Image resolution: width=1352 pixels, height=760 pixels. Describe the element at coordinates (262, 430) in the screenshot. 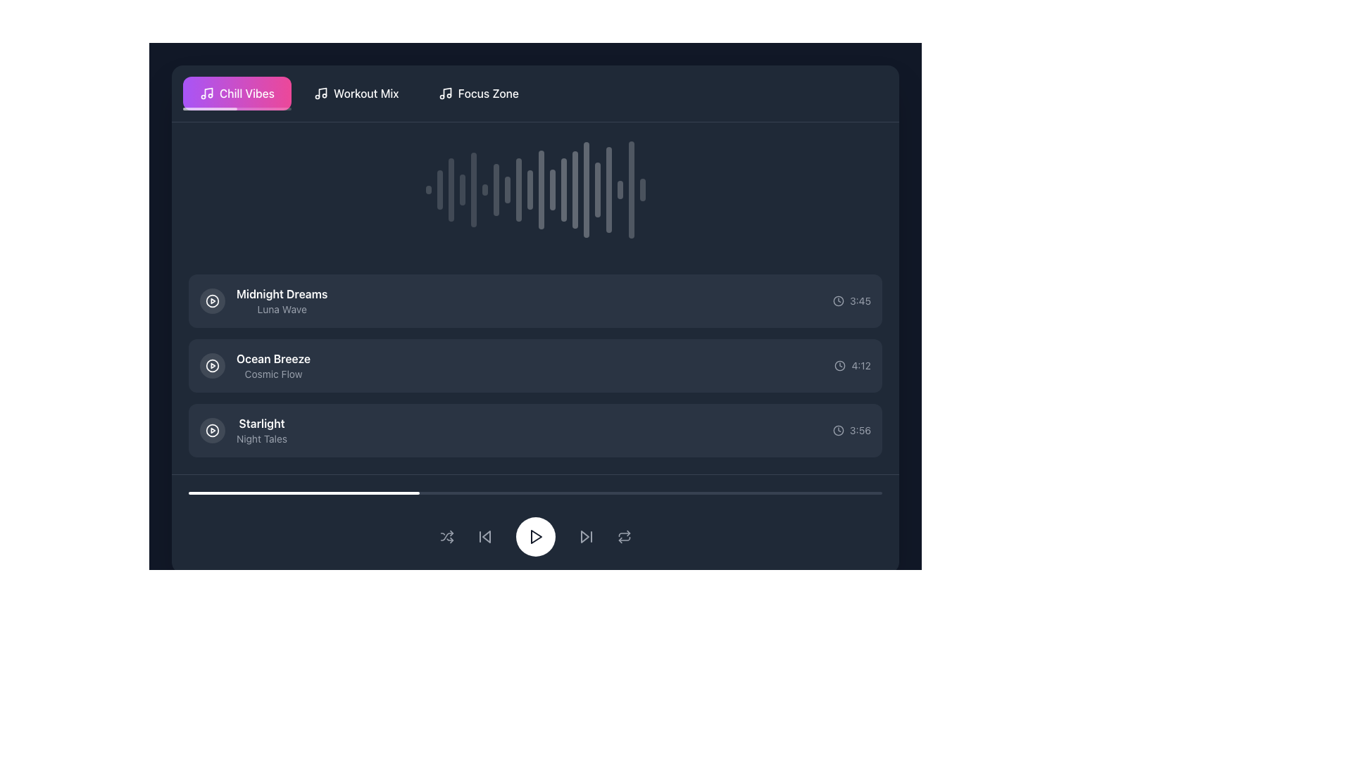

I see `content displayed in the Text Display element that shows the title 'Starlight' and subtitle 'Night Tales' as the third item in the media library list` at that location.